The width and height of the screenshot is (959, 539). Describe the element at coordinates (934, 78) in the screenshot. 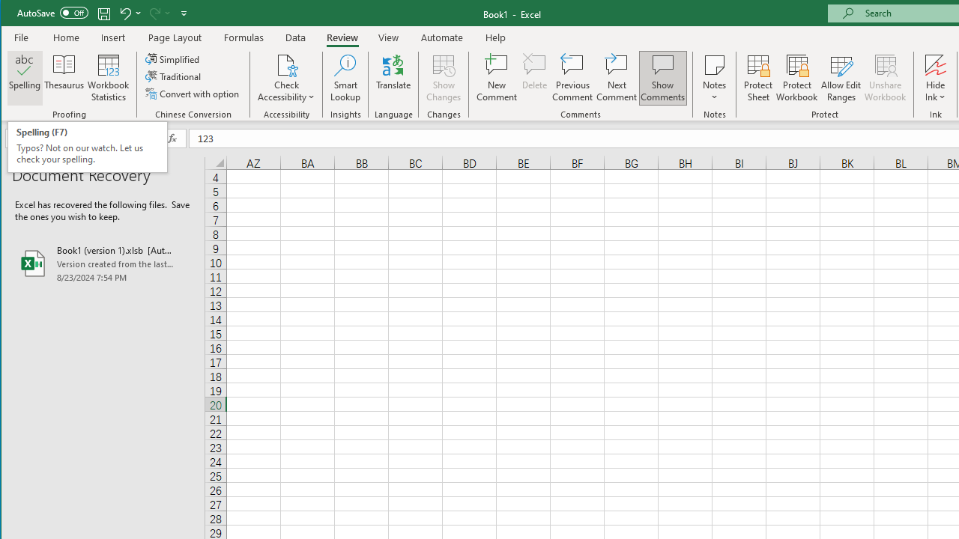

I see `'Hide Ink'` at that location.